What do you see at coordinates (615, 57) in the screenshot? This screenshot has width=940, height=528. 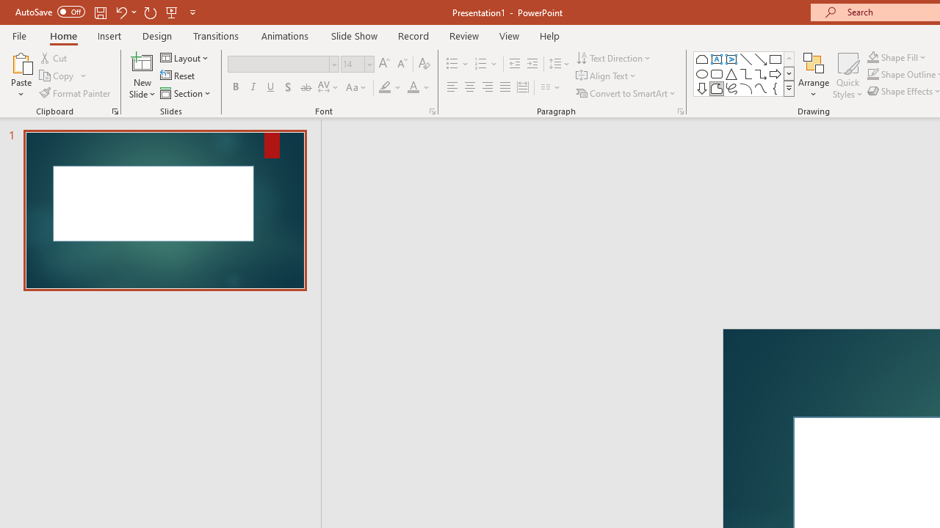 I see `'Text Direction'` at bounding box center [615, 57].